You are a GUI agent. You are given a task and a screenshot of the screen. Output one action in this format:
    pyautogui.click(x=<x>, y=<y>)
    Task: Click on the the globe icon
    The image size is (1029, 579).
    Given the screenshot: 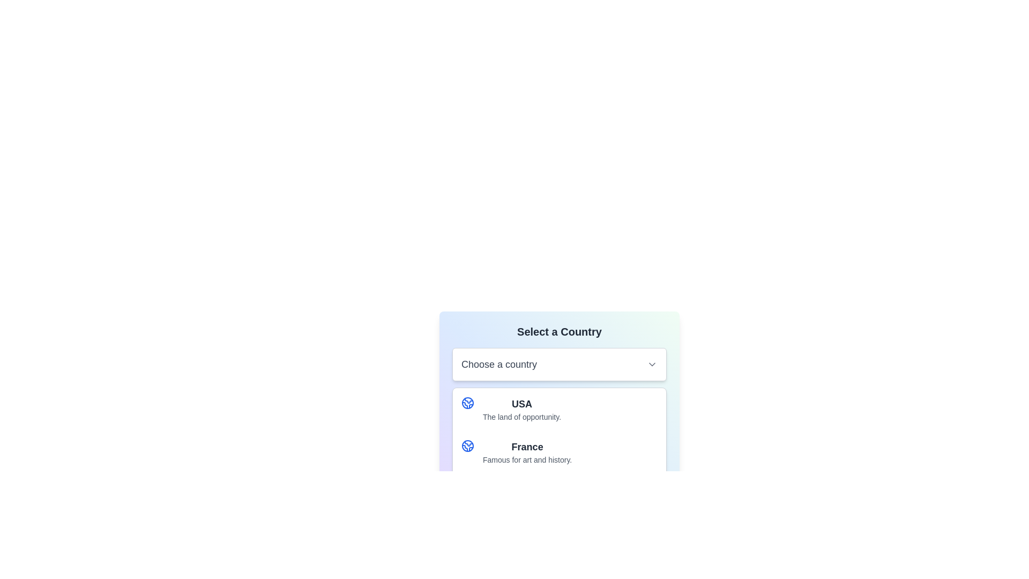 What is the action you would take?
    pyautogui.click(x=468, y=446)
    